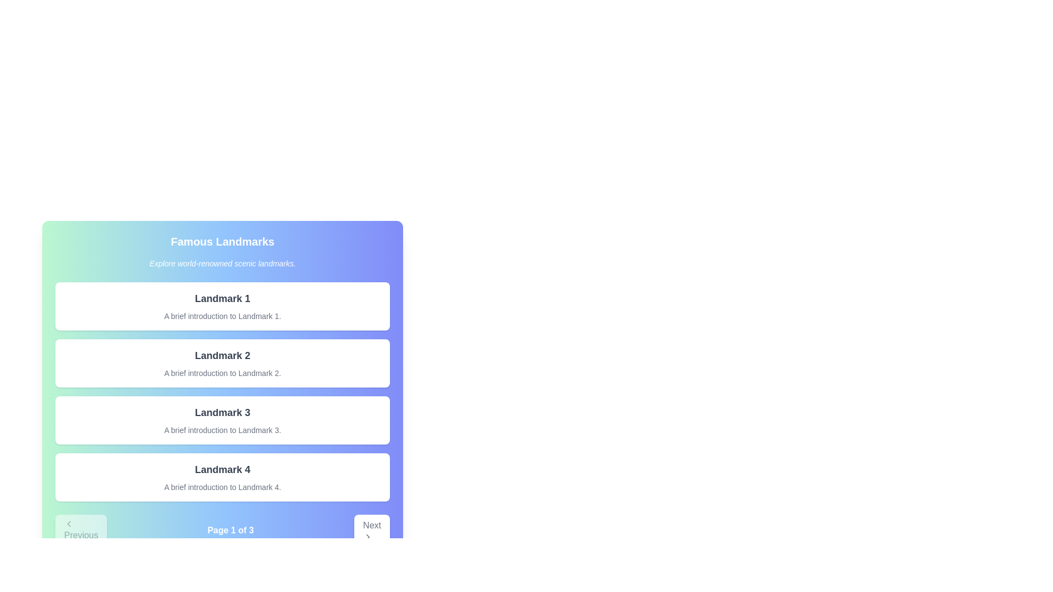  I want to click on the Informational Card summarizing details about 'Landmark 3', which is the third item in a vertically stacked list of similar cards under the header 'Famous Landmarks', so click(222, 420).